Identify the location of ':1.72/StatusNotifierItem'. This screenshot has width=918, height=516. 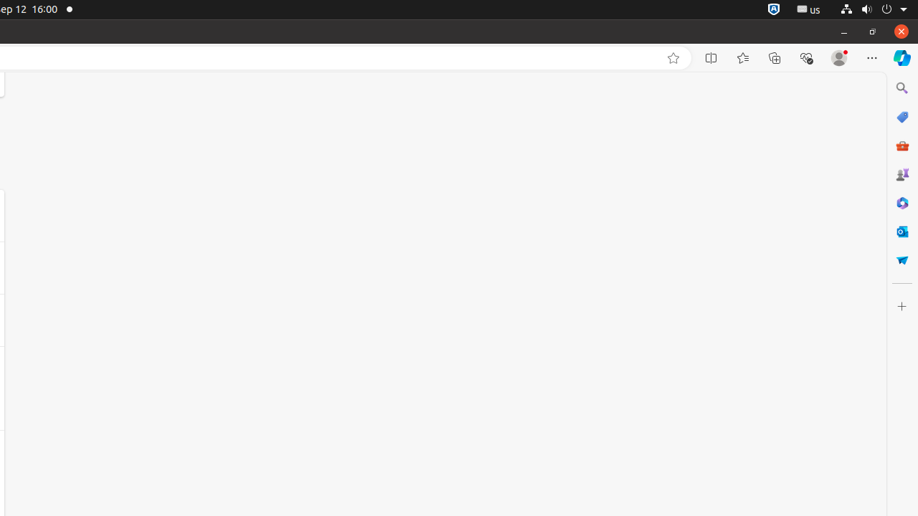
(773, 9).